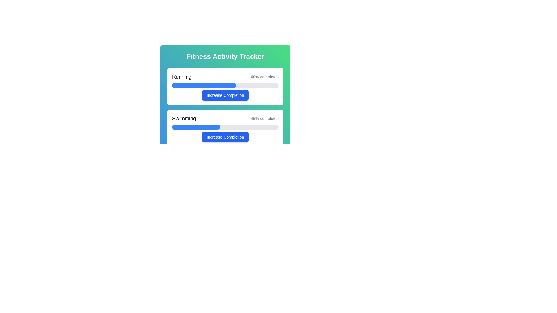 This screenshot has width=557, height=313. Describe the element at coordinates (225, 120) in the screenshot. I see `the second Activity tracker card in the 'Fitness Activity Tracker' section, which displays a 45% completion status for swimming, featuring a gradient background and rounded corners` at that location.